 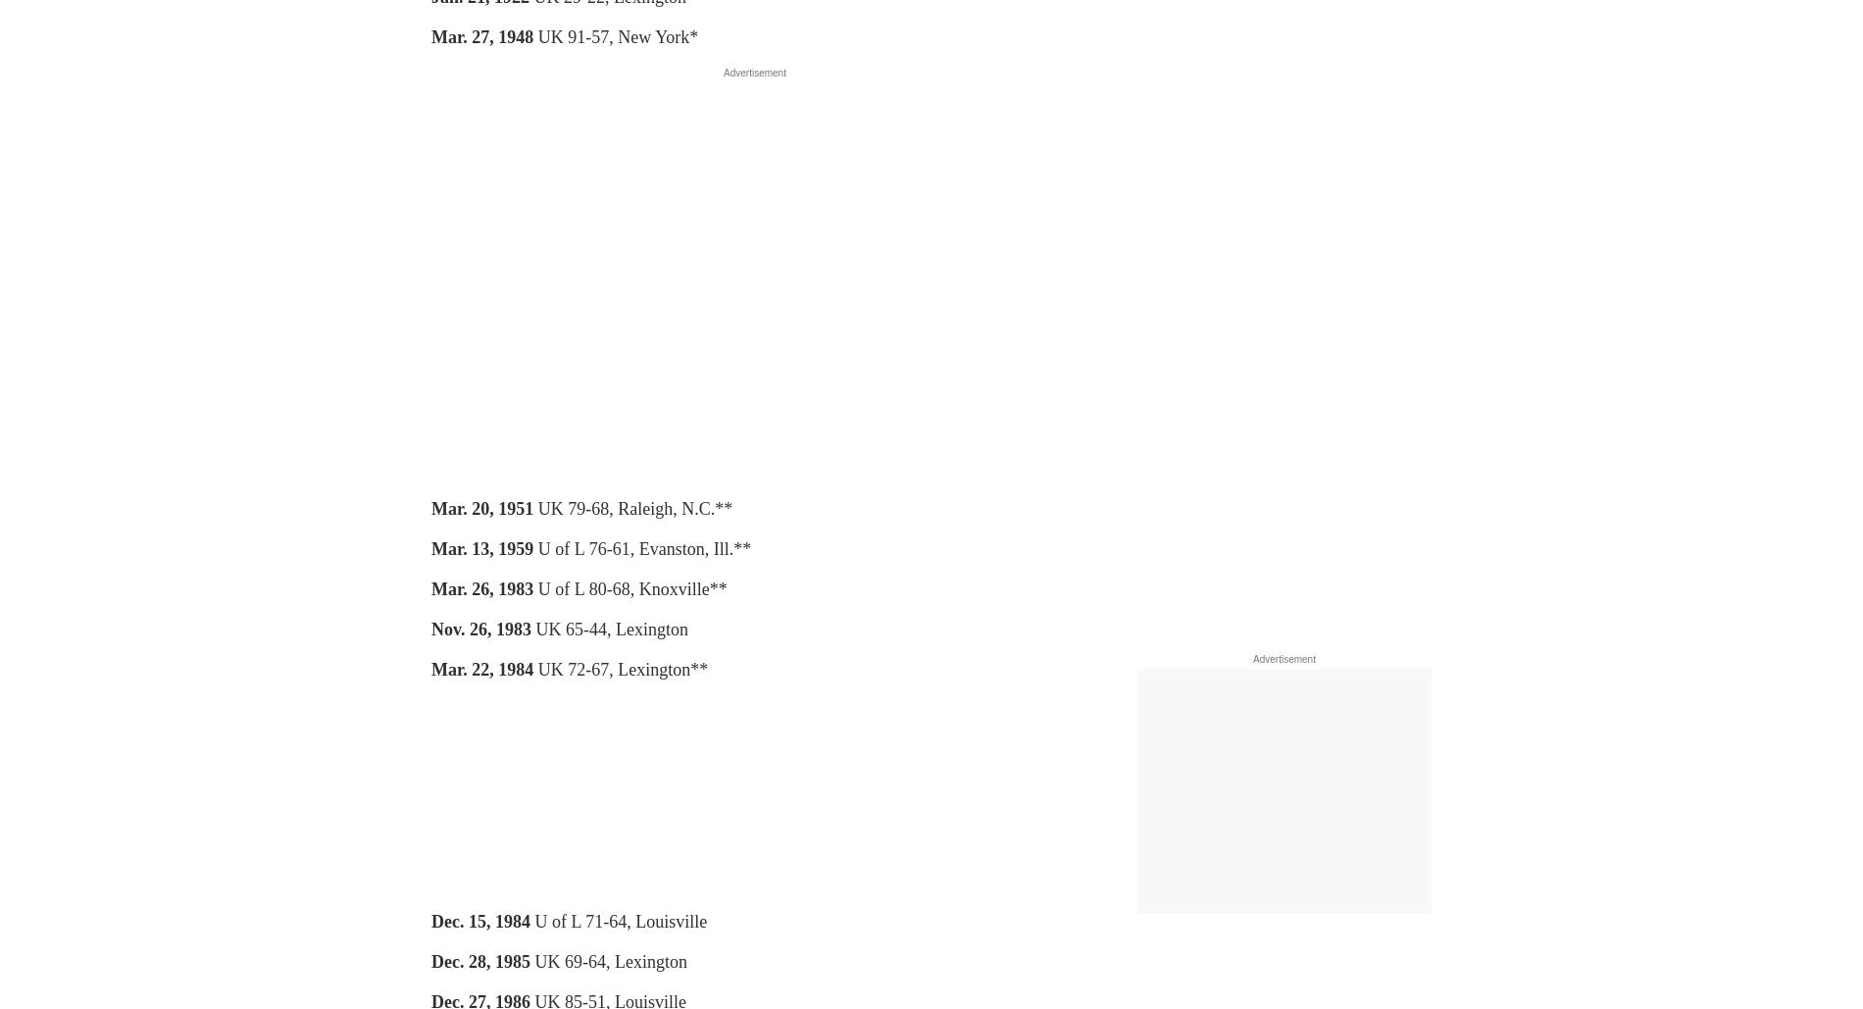 I want to click on 'Dec. 15, 1984', so click(x=430, y=921).